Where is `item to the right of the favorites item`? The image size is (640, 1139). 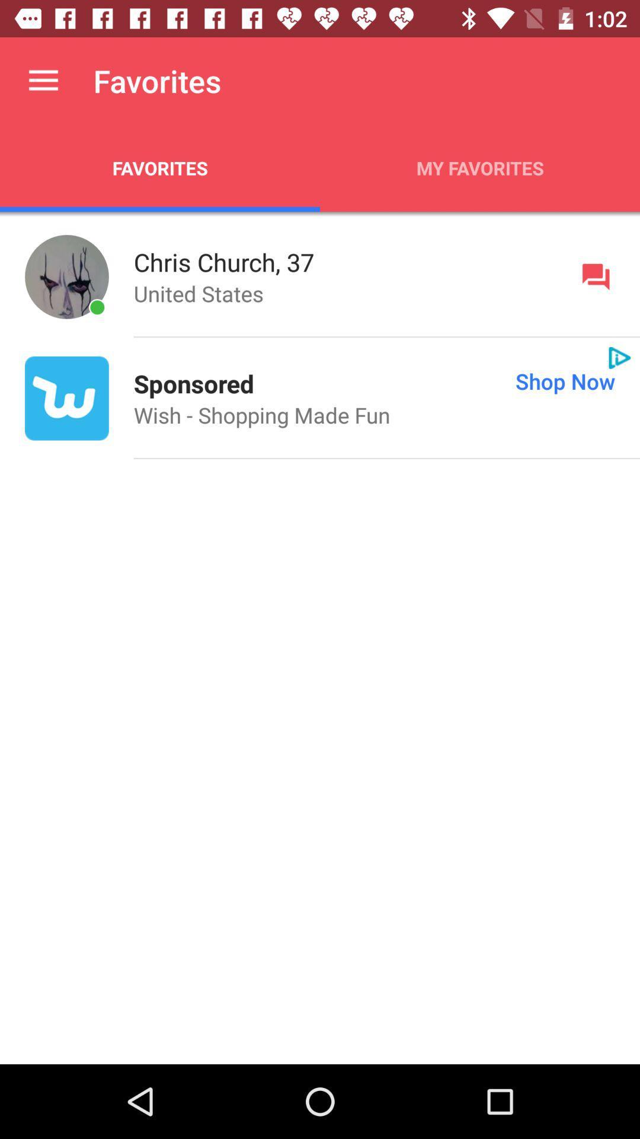
item to the right of the favorites item is located at coordinates (480, 167).